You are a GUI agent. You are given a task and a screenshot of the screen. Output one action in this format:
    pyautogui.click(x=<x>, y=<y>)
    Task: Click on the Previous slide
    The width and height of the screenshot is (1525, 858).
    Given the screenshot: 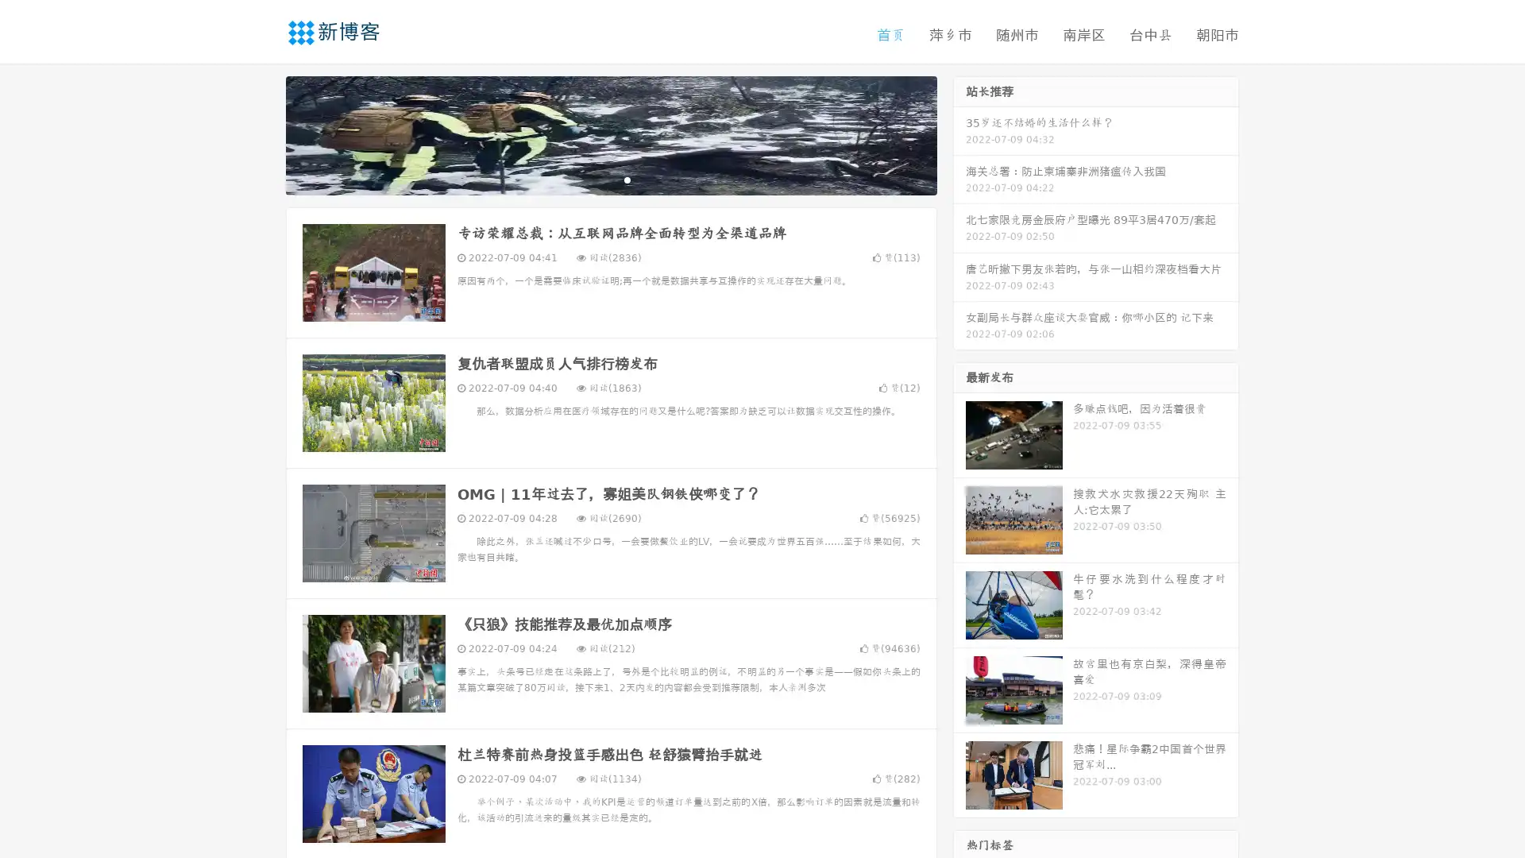 What is the action you would take?
    pyautogui.click(x=262, y=133)
    